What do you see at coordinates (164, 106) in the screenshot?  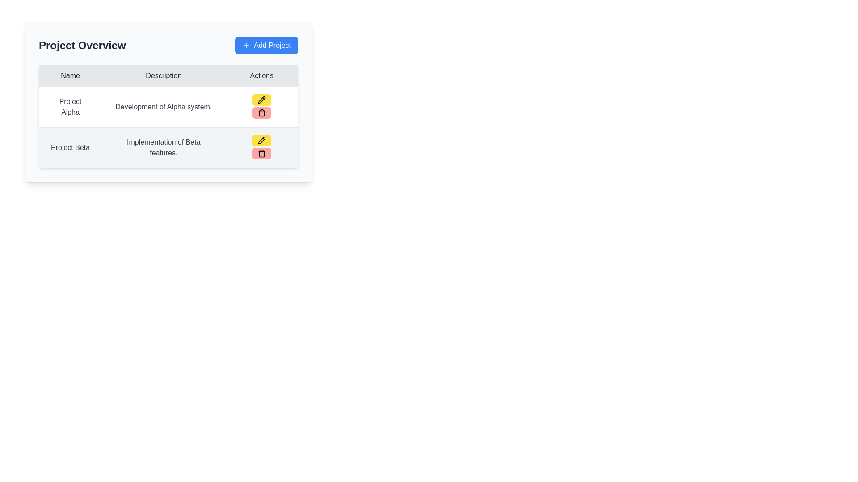 I see `the text label displaying 'Development of Alpha system.' which is styled in gray font and located in the first row of the project information table under the 'Description' column` at bounding box center [164, 106].